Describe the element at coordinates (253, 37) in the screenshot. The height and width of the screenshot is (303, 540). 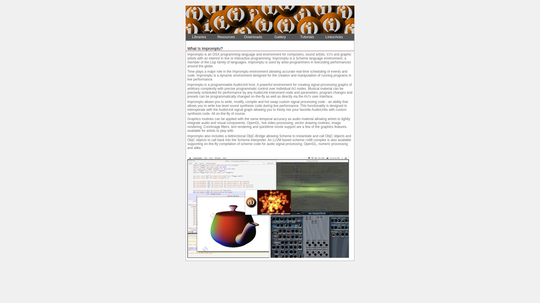
I see `'Downloads'` at that location.